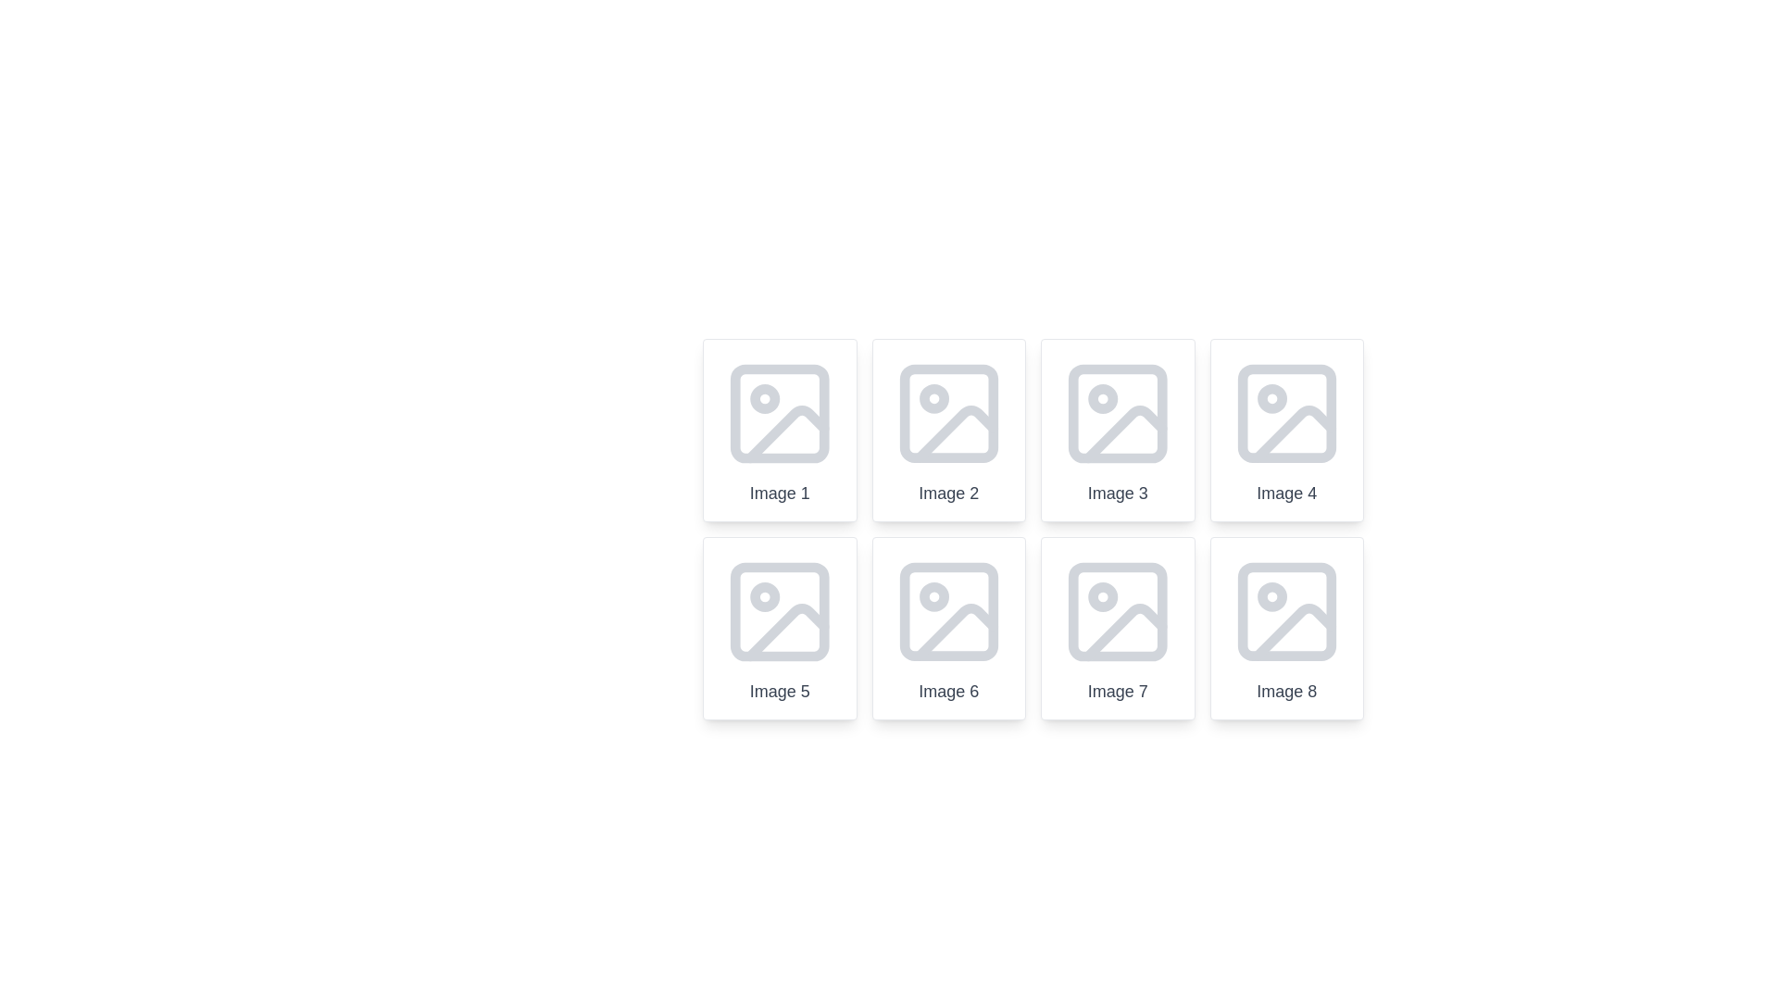 The image size is (1778, 1000). I want to click on the Icon component located within the first image placeholder labeled 'Image 1', positioned in the top-left quadrant of the placeholder, so click(765, 398).